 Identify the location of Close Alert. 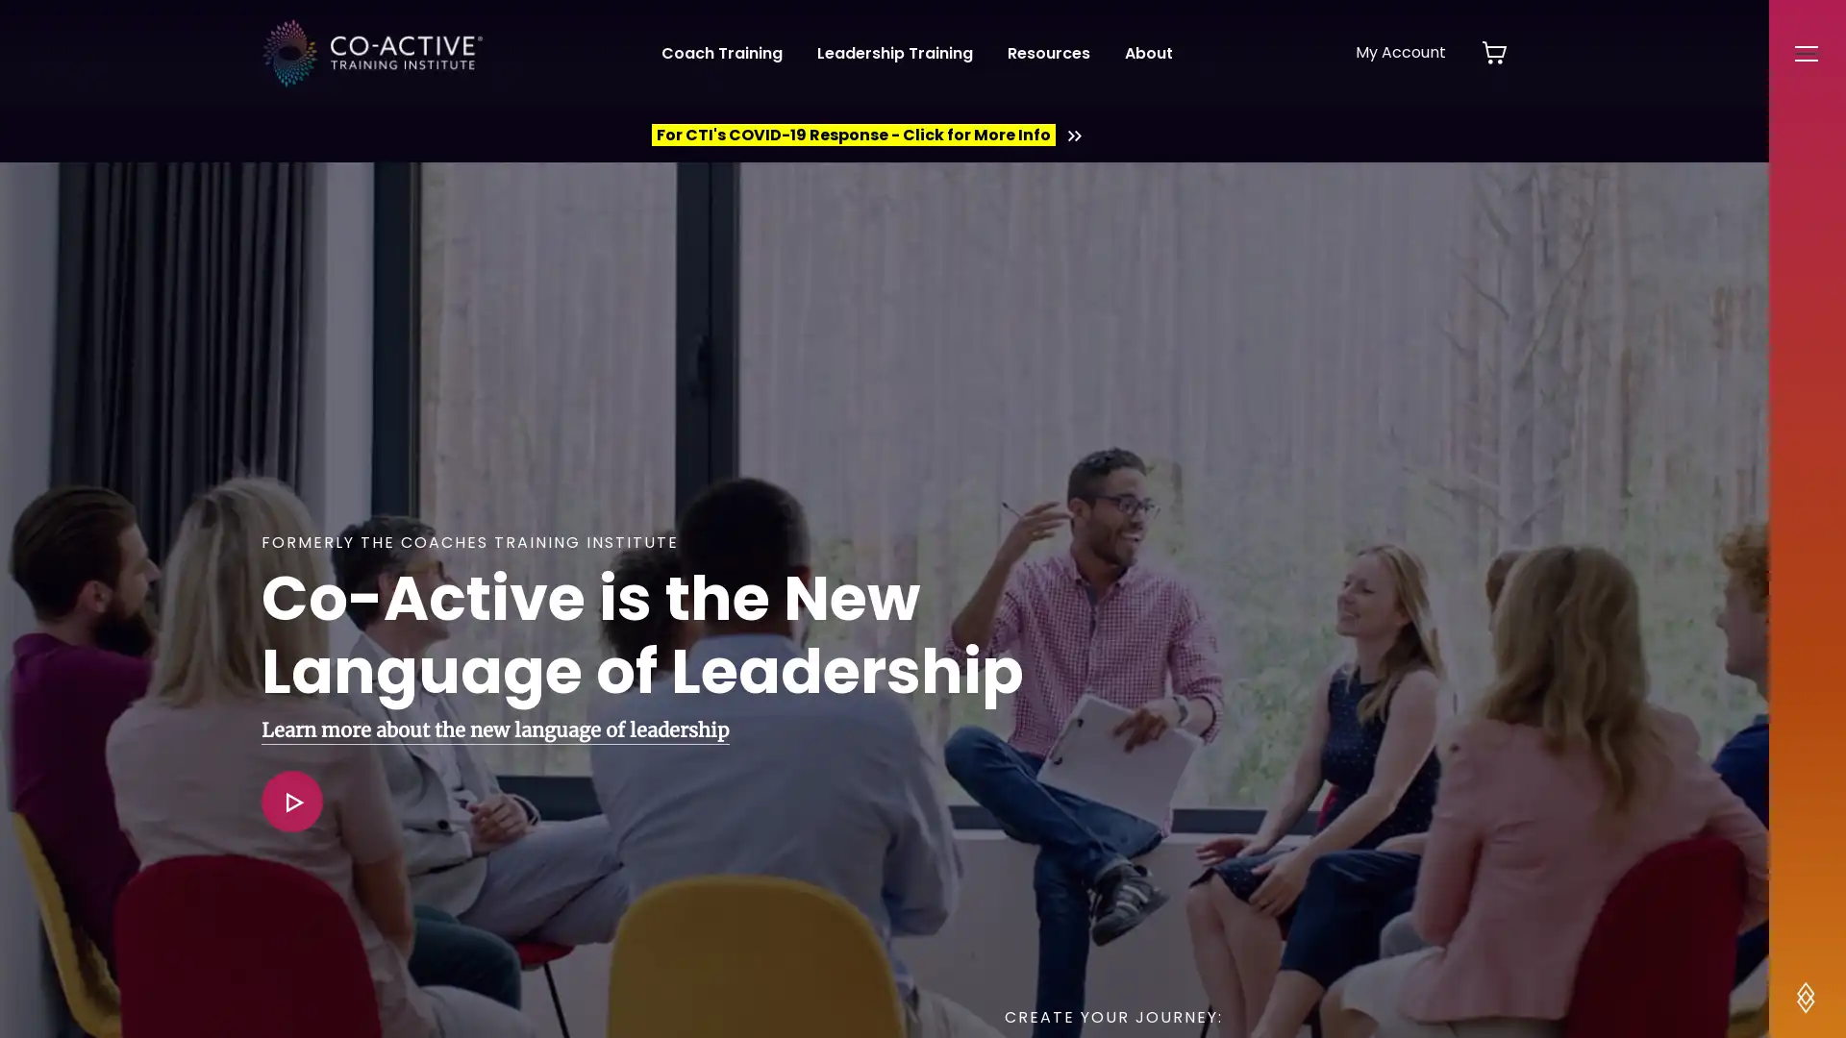
(1490, 241).